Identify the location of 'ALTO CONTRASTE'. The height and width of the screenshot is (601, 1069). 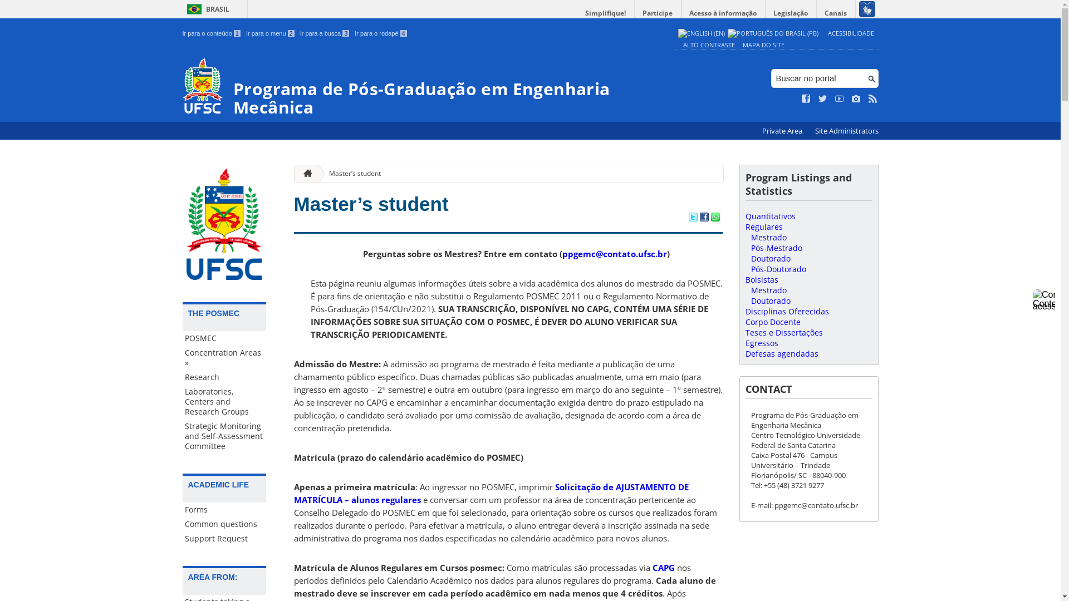
(708, 44).